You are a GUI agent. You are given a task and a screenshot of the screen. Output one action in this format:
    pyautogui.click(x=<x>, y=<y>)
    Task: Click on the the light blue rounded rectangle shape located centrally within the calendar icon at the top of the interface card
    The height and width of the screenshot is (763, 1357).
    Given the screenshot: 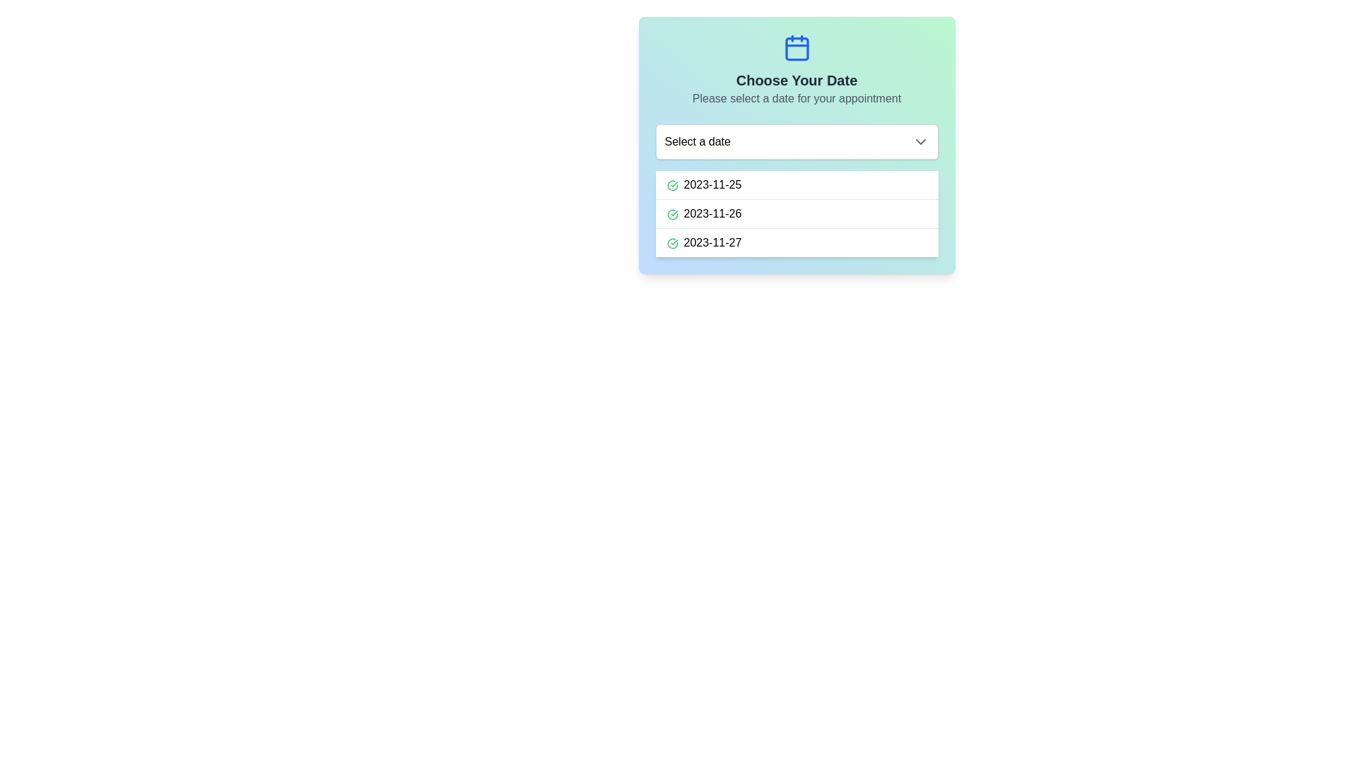 What is the action you would take?
    pyautogui.click(x=797, y=48)
    